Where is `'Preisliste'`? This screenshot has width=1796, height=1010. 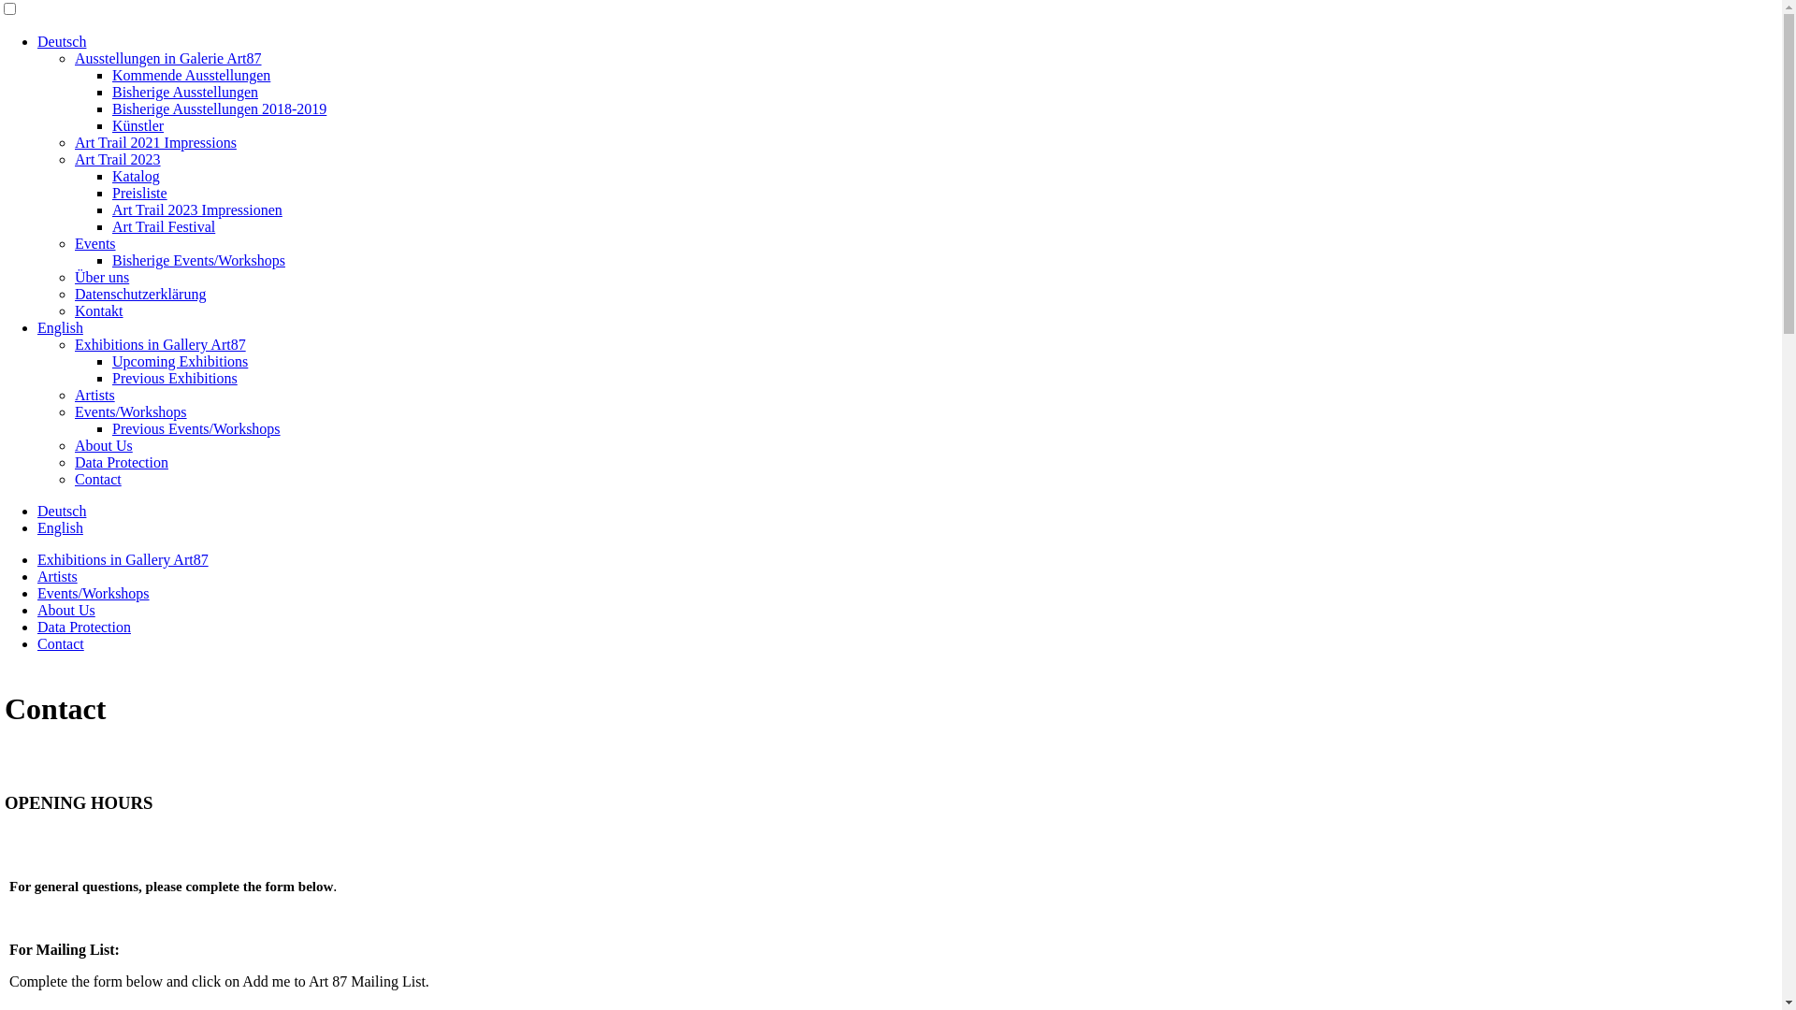 'Preisliste' is located at coordinates (138, 193).